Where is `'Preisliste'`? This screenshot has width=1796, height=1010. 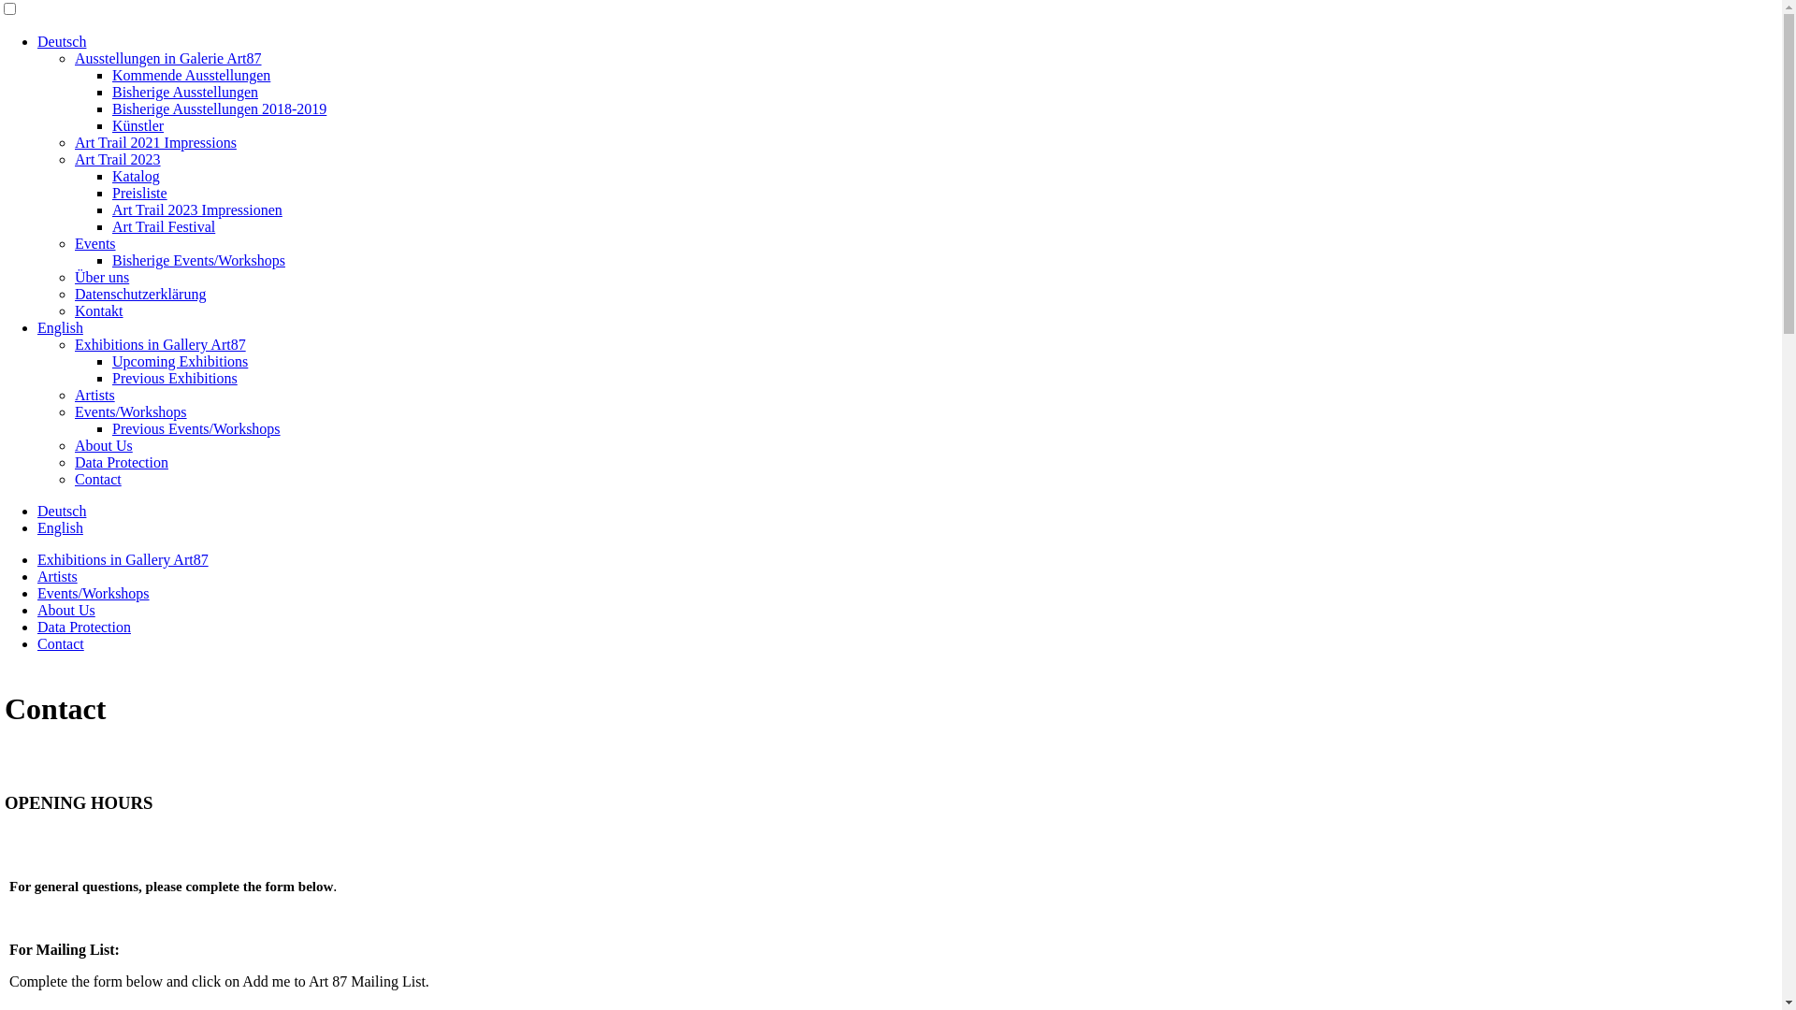 'Preisliste' is located at coordinates (138, 193).